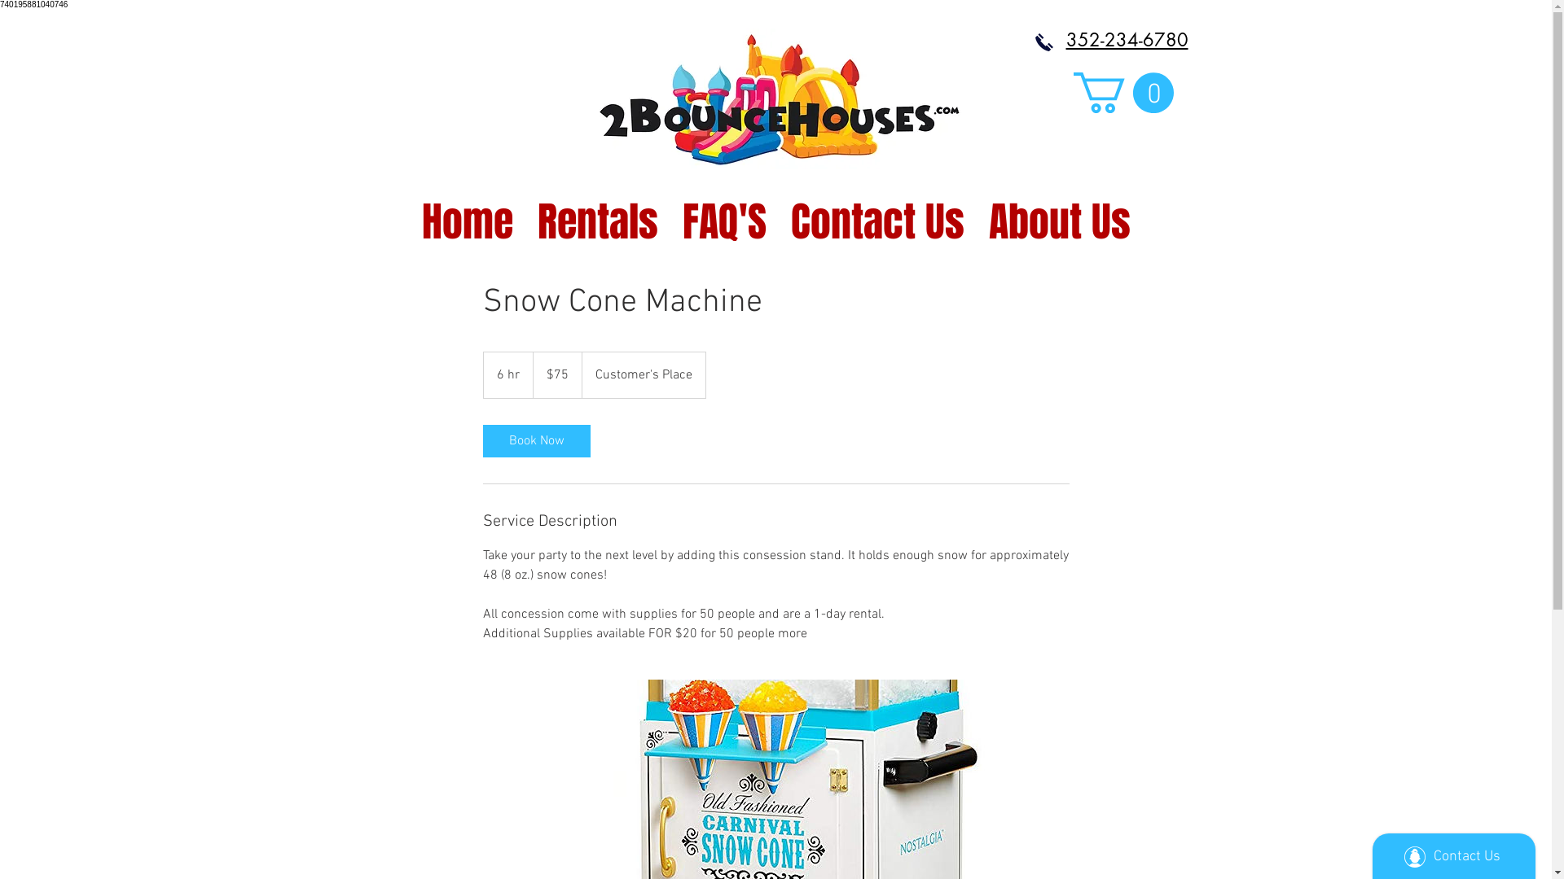  Describe the element at coordinates (669, 212) in the screenshot. I see `'FAQ'S'` at that location.